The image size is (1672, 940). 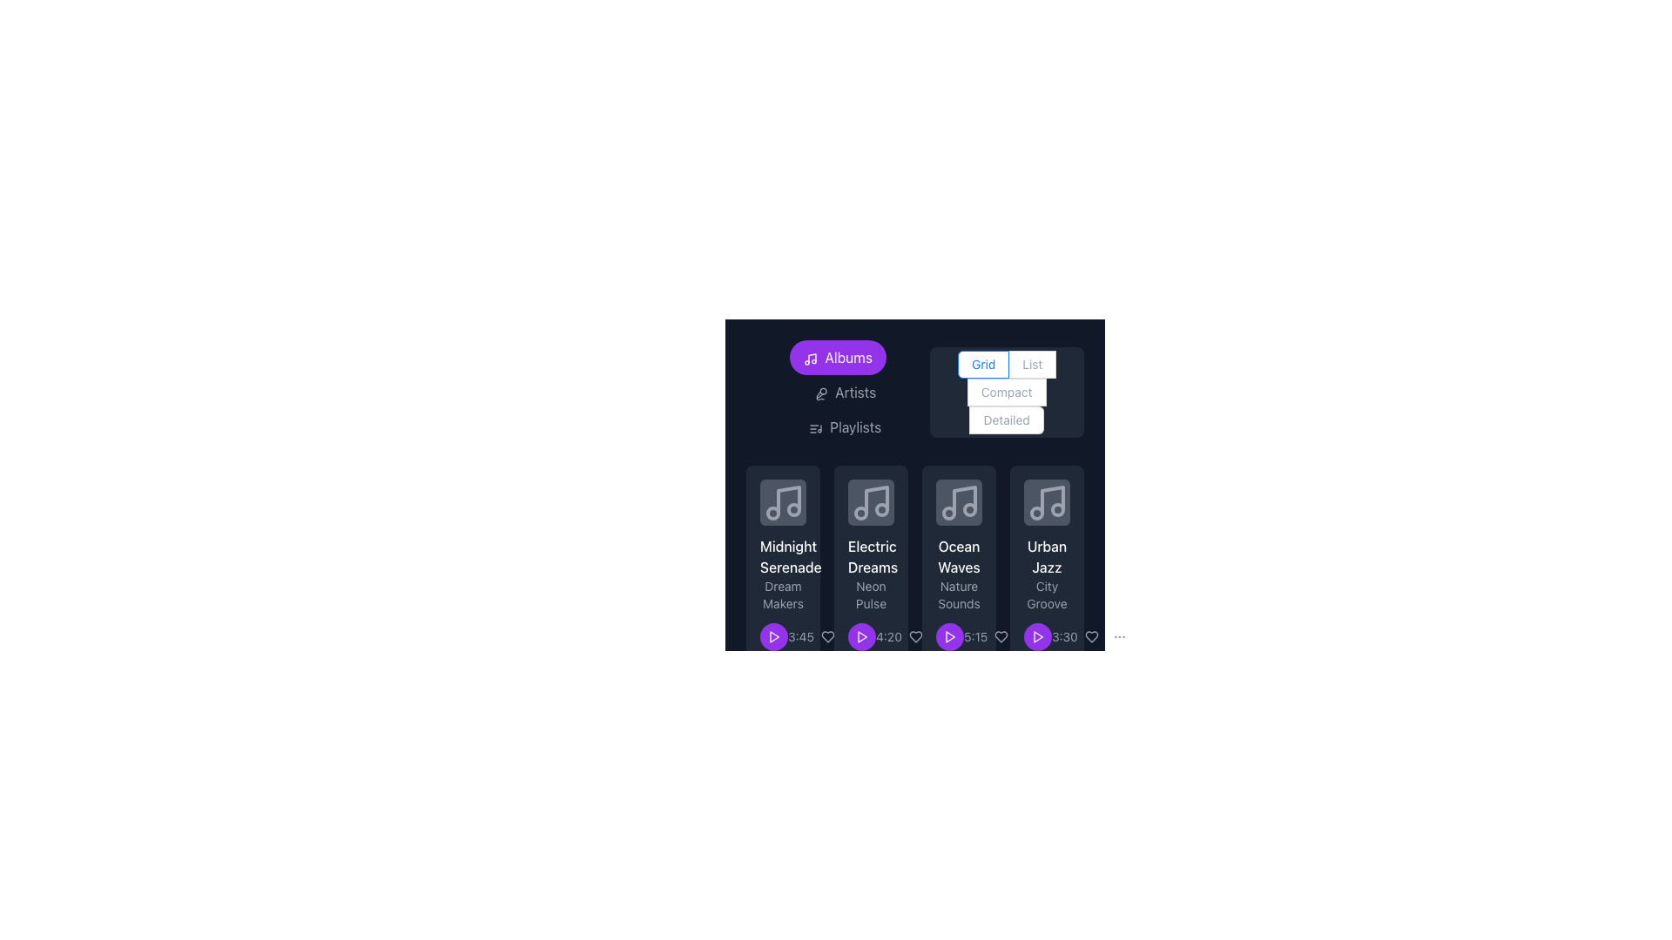 I want to click on the navigation button on the Navigation and arrangement control bar, so click(x=914, y=393).